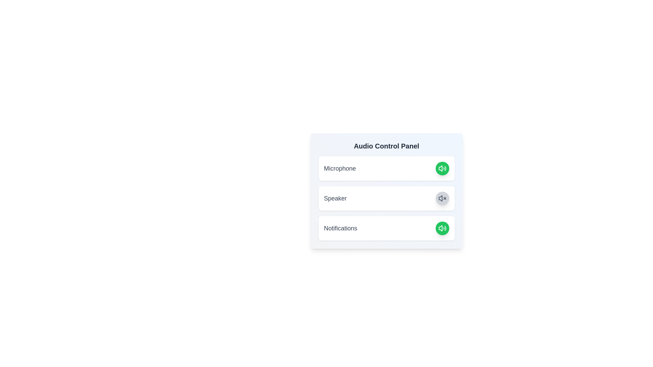 The image size is (653, 367). What do you see at coordinates (386, 228) in the screenshot?
I see `the circular green button on the interactive panel labeled 'Notifications'` at bounding box center [386, 228].